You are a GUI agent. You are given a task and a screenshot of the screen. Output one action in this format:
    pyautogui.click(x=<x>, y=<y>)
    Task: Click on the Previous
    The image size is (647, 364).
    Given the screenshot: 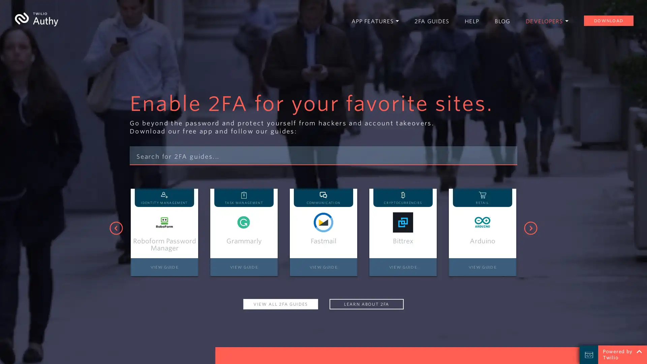 What is the action you would take?
    pyautogui.click(x=116, y=228)
    